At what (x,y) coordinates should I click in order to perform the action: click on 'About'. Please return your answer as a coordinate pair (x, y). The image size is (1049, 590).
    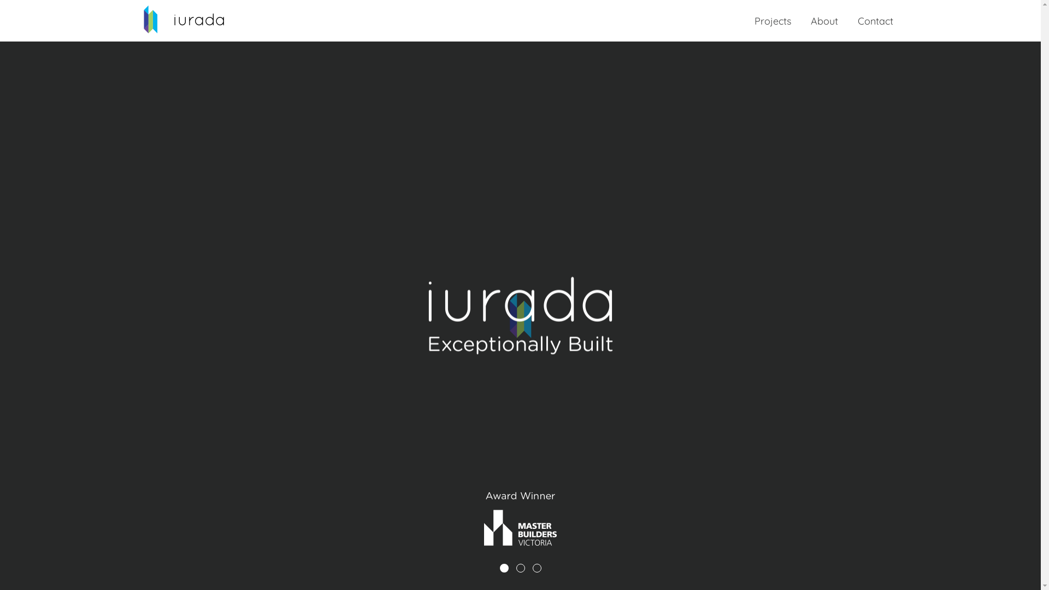
    Looking at the image, I should click on (824, 21).